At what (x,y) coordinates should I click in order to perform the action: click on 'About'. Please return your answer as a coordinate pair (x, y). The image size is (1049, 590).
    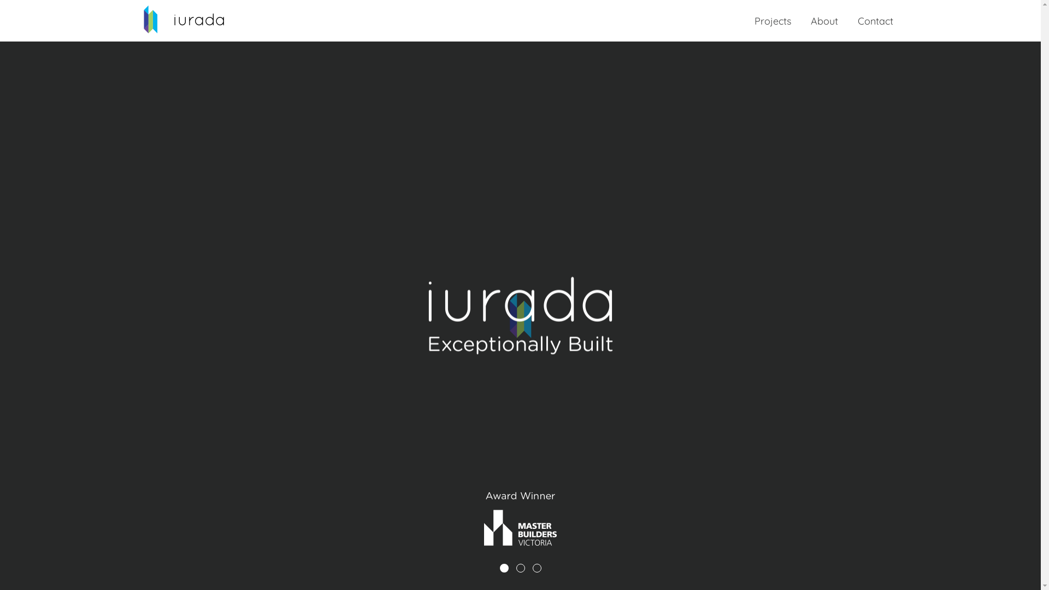
    Looking at the image, I should click on (824, 21).